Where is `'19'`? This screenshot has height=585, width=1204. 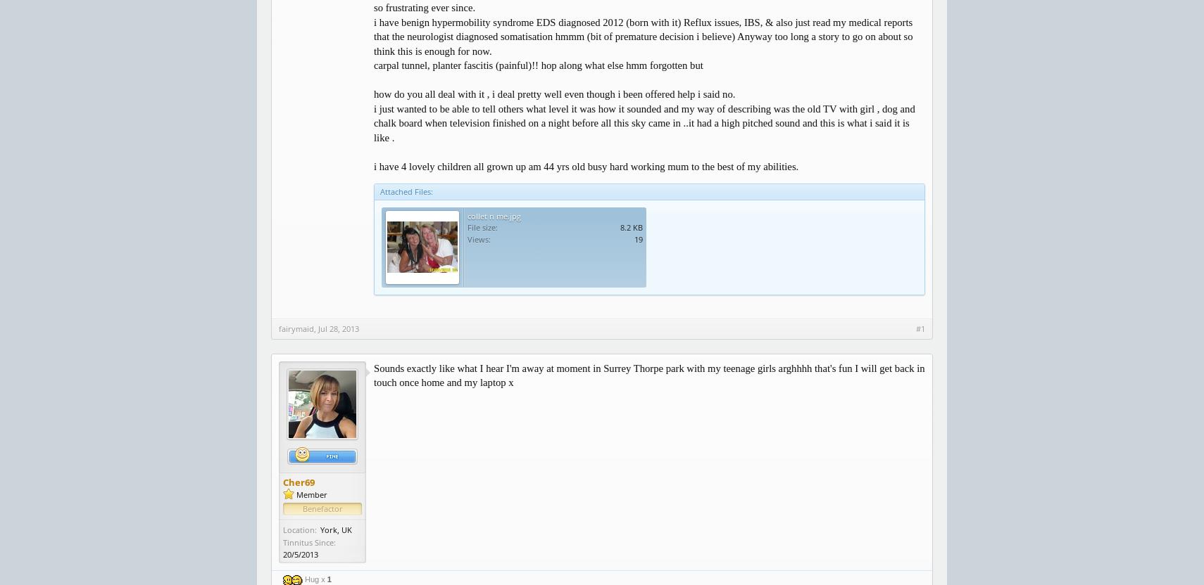
'19' is located at coordinates (637, 238).